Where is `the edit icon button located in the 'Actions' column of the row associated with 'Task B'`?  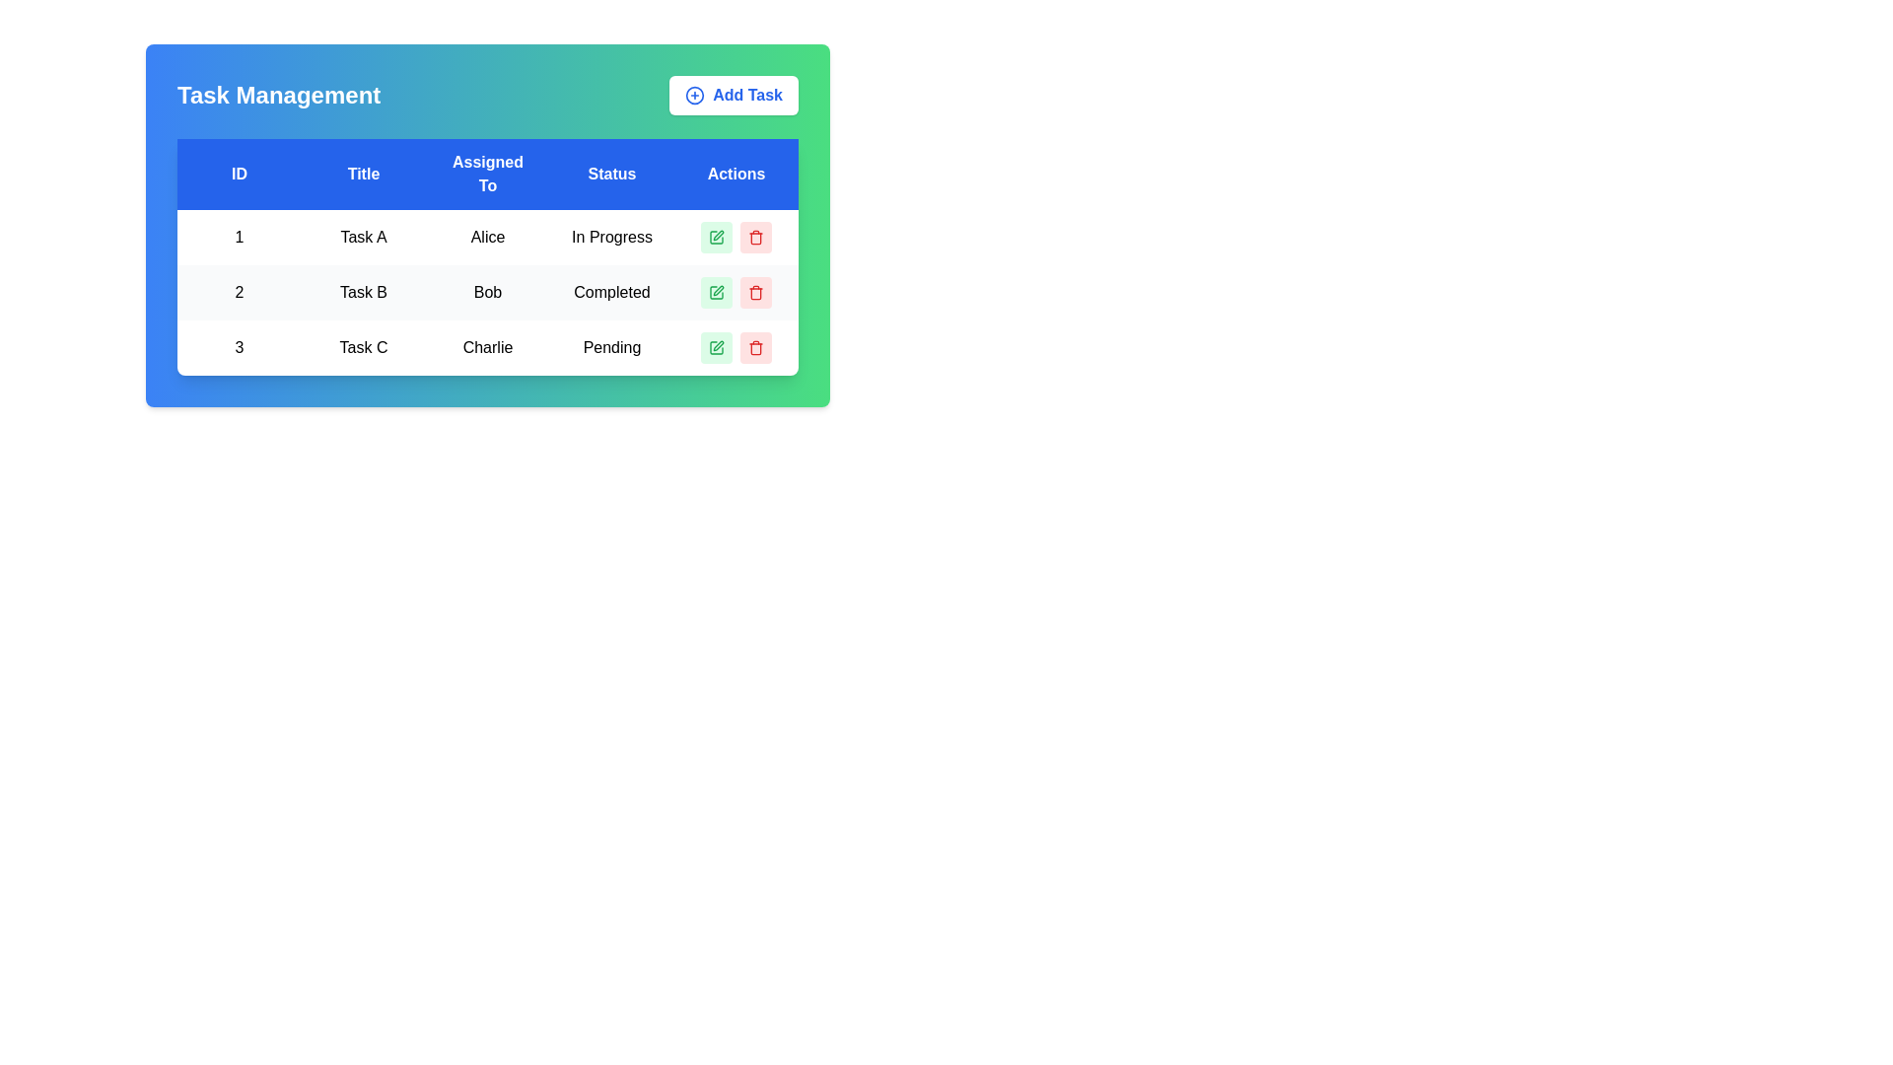 the edit icon button located in the 'Actions' column of the row associated with 'Task B' is located at coordinates (715, 293).